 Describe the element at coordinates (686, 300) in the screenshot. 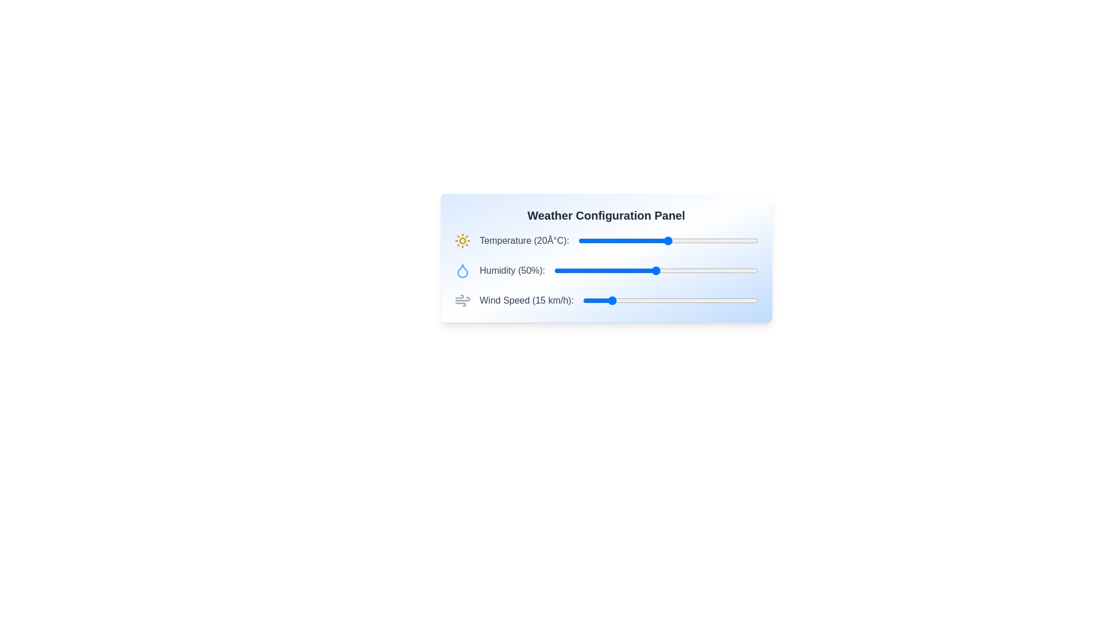

I see `the wind speed slider to 59 km/h` at that location.